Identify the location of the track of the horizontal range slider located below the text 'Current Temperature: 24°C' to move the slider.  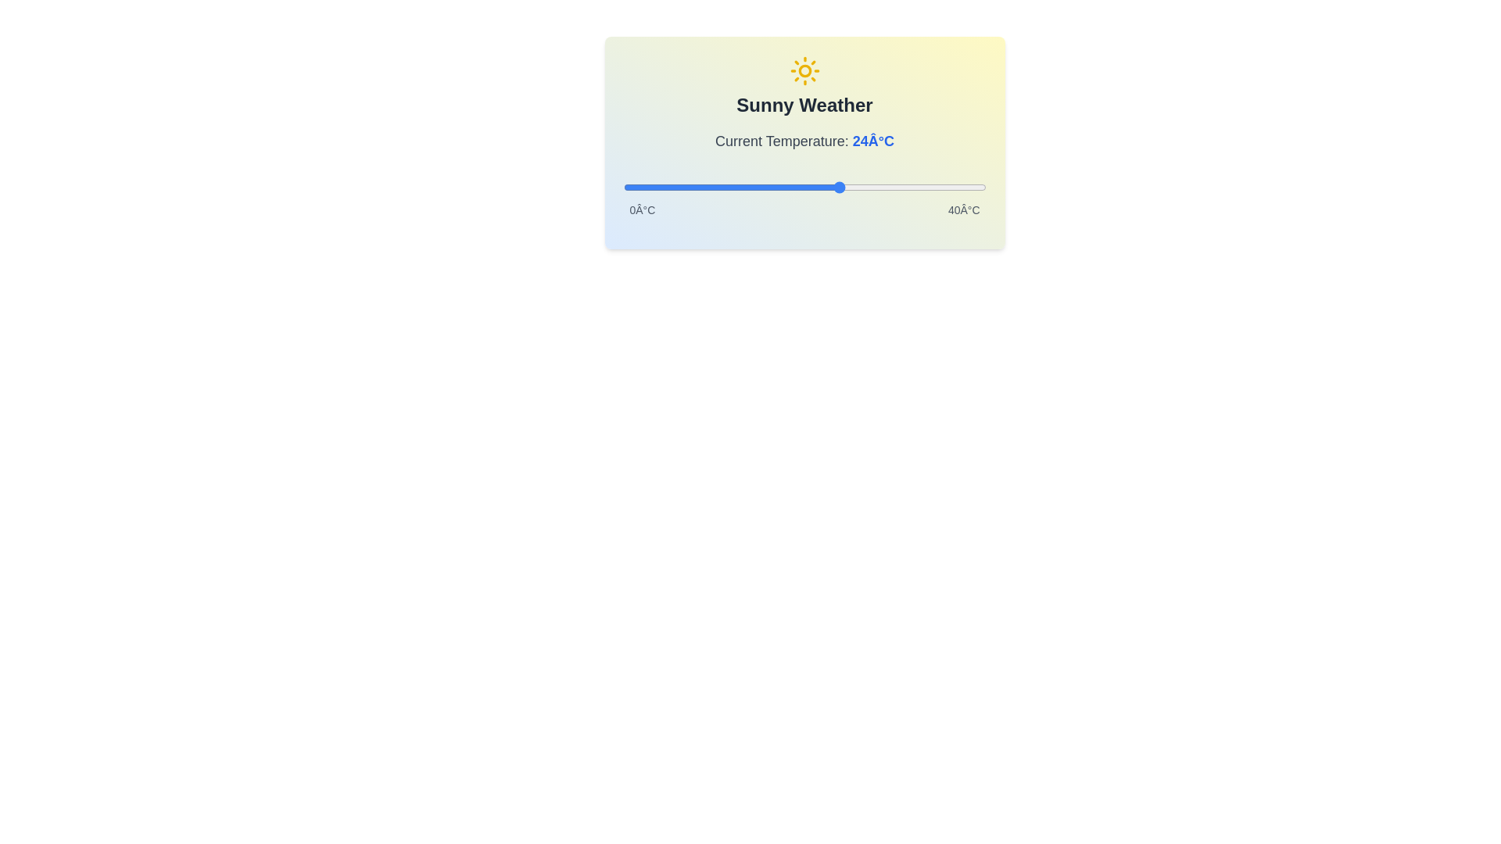
(804, 186).